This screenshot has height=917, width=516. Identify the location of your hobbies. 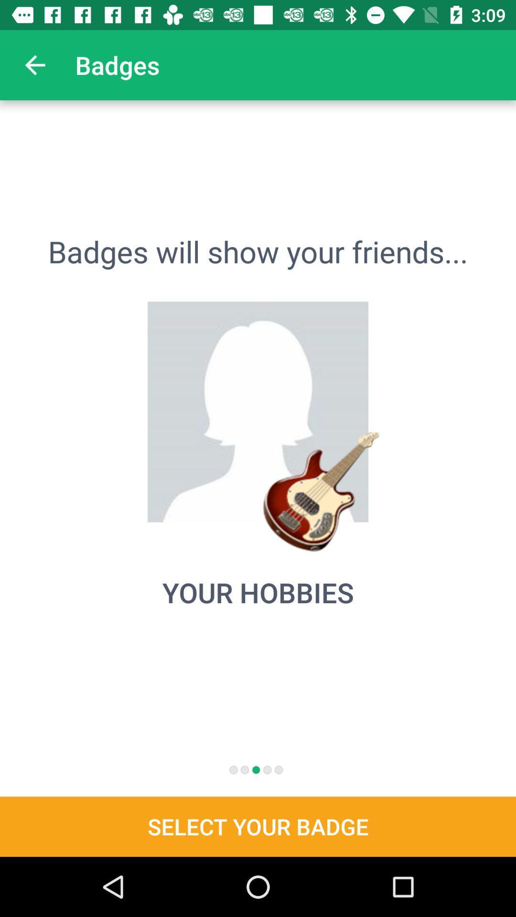
(258, 592).